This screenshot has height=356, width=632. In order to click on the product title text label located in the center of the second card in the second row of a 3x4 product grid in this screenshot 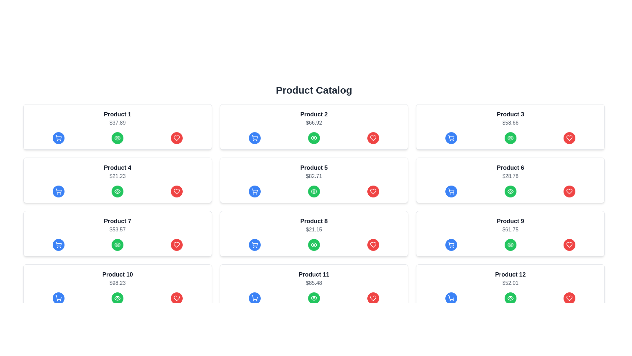, I will do `click(118, 167)`.